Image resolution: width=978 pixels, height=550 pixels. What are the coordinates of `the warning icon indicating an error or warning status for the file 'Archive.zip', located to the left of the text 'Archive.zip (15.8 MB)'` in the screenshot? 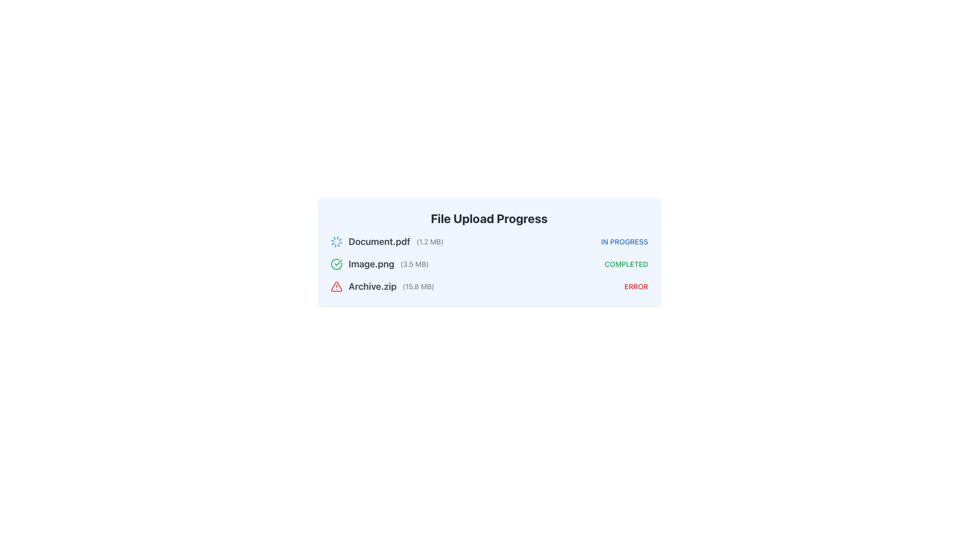 It's located at (336, 287).